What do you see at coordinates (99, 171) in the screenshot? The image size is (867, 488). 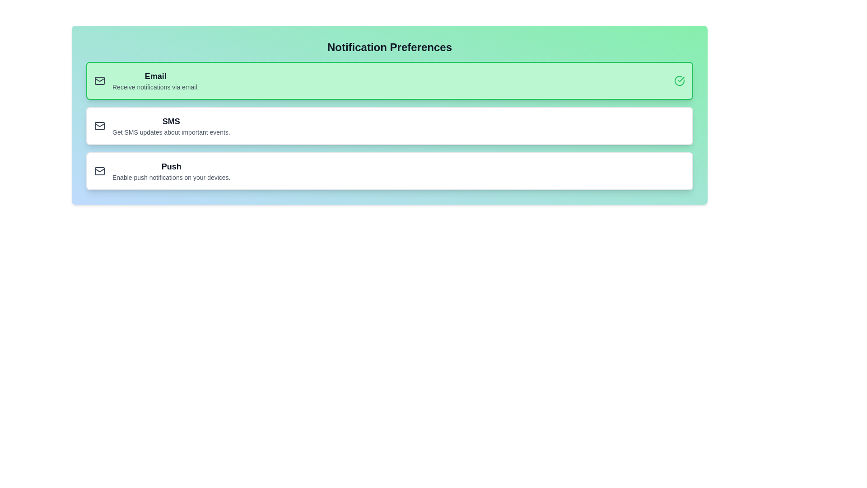 I see `the push notifications icon located on the left side of the third notification preference titled 'Push'` at bounding box center [99, 171].